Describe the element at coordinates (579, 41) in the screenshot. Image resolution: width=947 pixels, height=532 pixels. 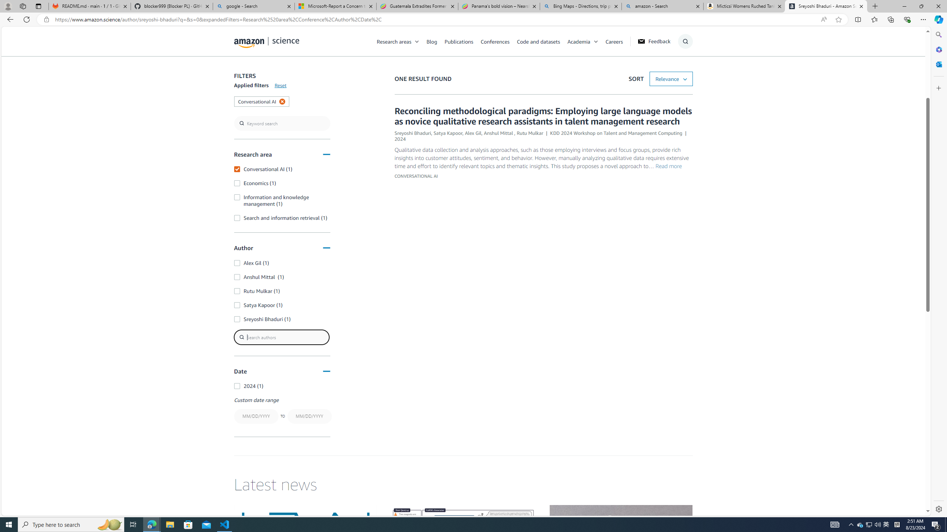
I see `'Academia'` at that location.